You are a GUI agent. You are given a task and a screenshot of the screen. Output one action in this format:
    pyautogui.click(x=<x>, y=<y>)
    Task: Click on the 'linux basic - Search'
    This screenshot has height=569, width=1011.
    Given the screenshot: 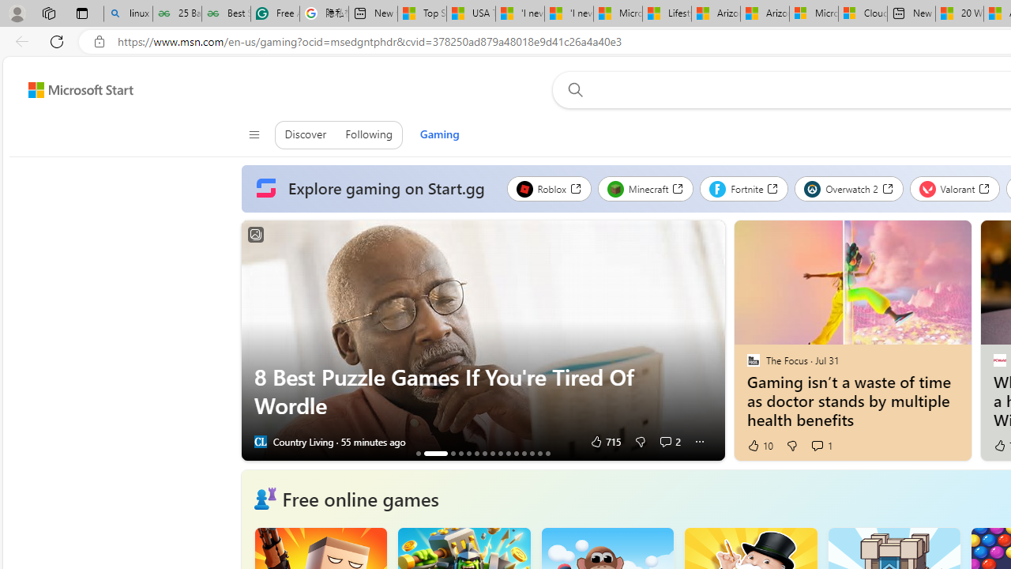 What is the action you would take?
    pyautogui.click(x=128, y=13)
    